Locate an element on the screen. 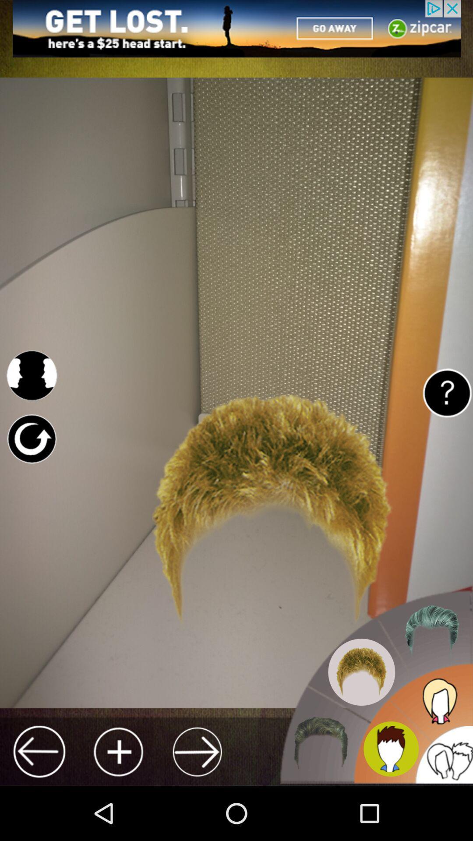 The width and height of the screenshot is (473, 841). advertisement link is located at coordinates (236, 28).